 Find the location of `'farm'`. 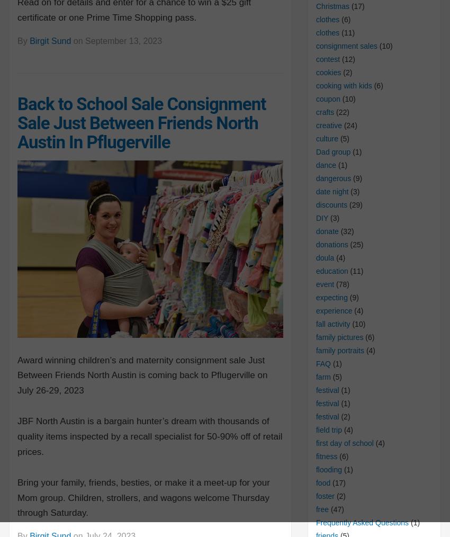

'farm' is located at coordinates (322, 376).